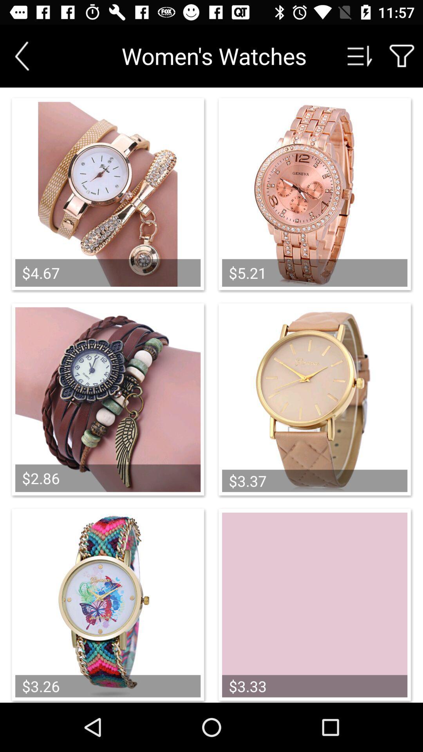  I want to click on go back, so click(22, 56).